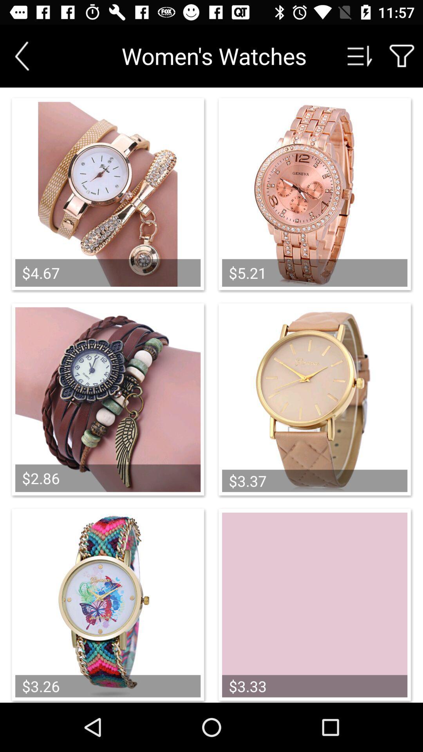  I want to click on go back, so click(22, 56).